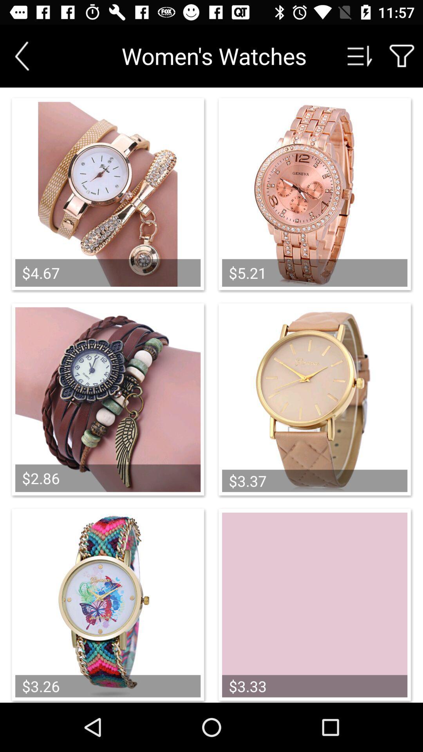  I want to click on go back, so click(22, 56).